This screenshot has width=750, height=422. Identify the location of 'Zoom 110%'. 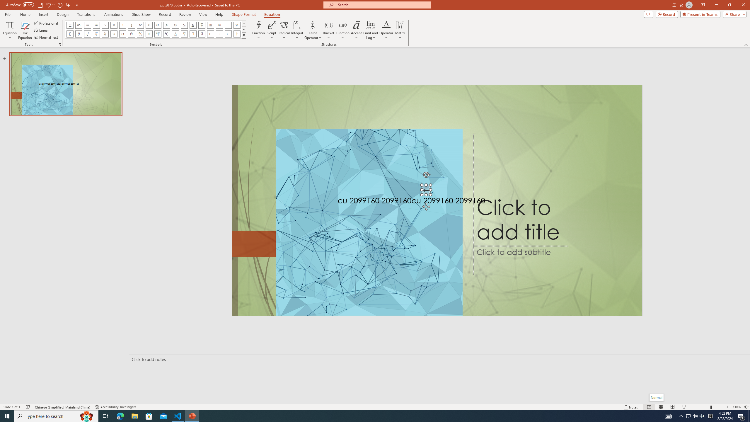
(737, 407).